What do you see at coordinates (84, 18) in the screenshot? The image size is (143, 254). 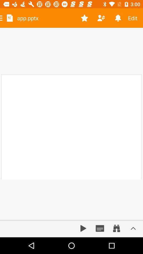 I see `the item to the right of app.pptx` at bounding box center [84, 18].